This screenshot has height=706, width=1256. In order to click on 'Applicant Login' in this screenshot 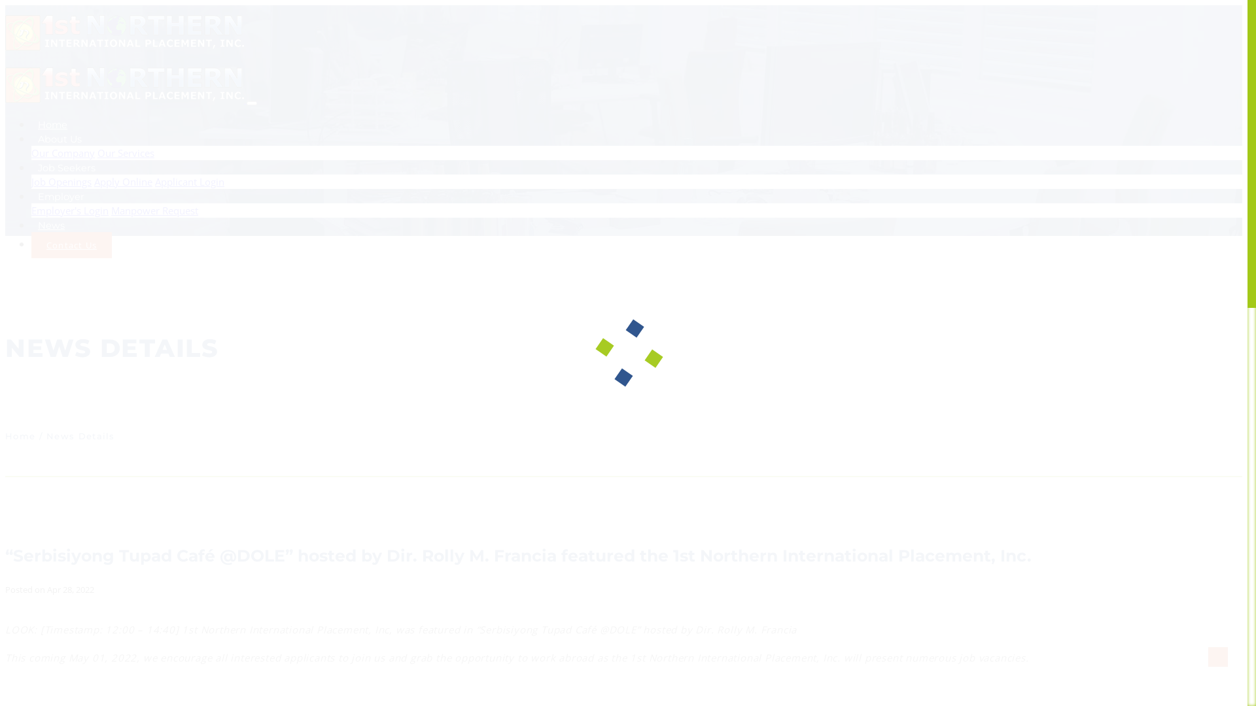, I will do `click(188, 182)`.